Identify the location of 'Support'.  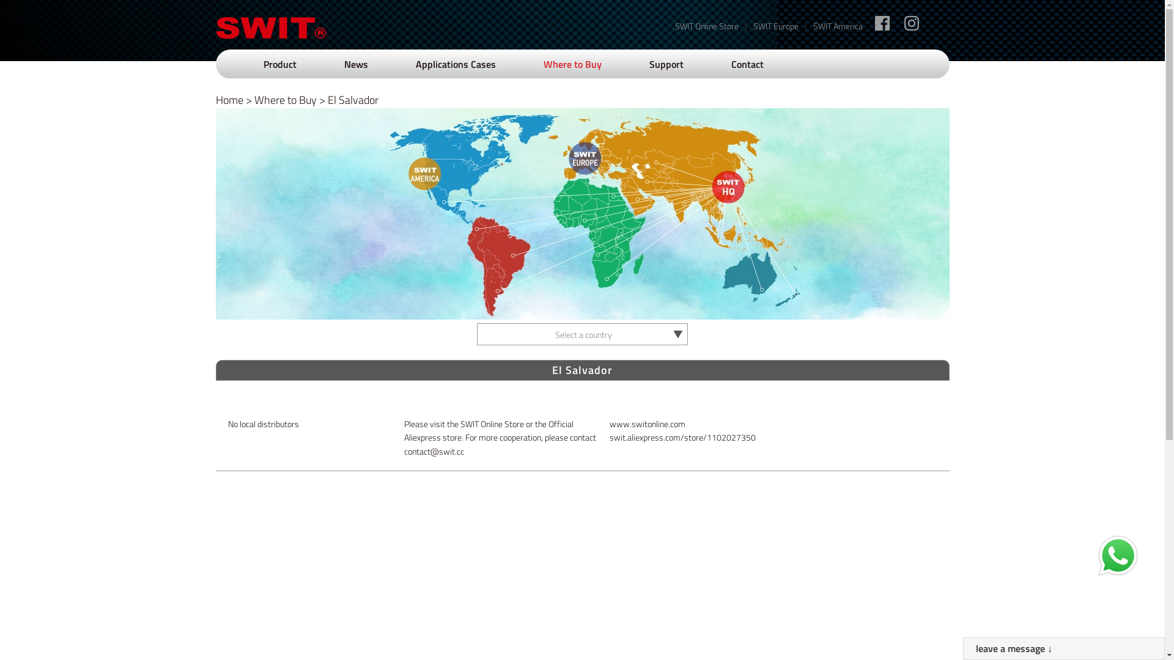
(665, 64).